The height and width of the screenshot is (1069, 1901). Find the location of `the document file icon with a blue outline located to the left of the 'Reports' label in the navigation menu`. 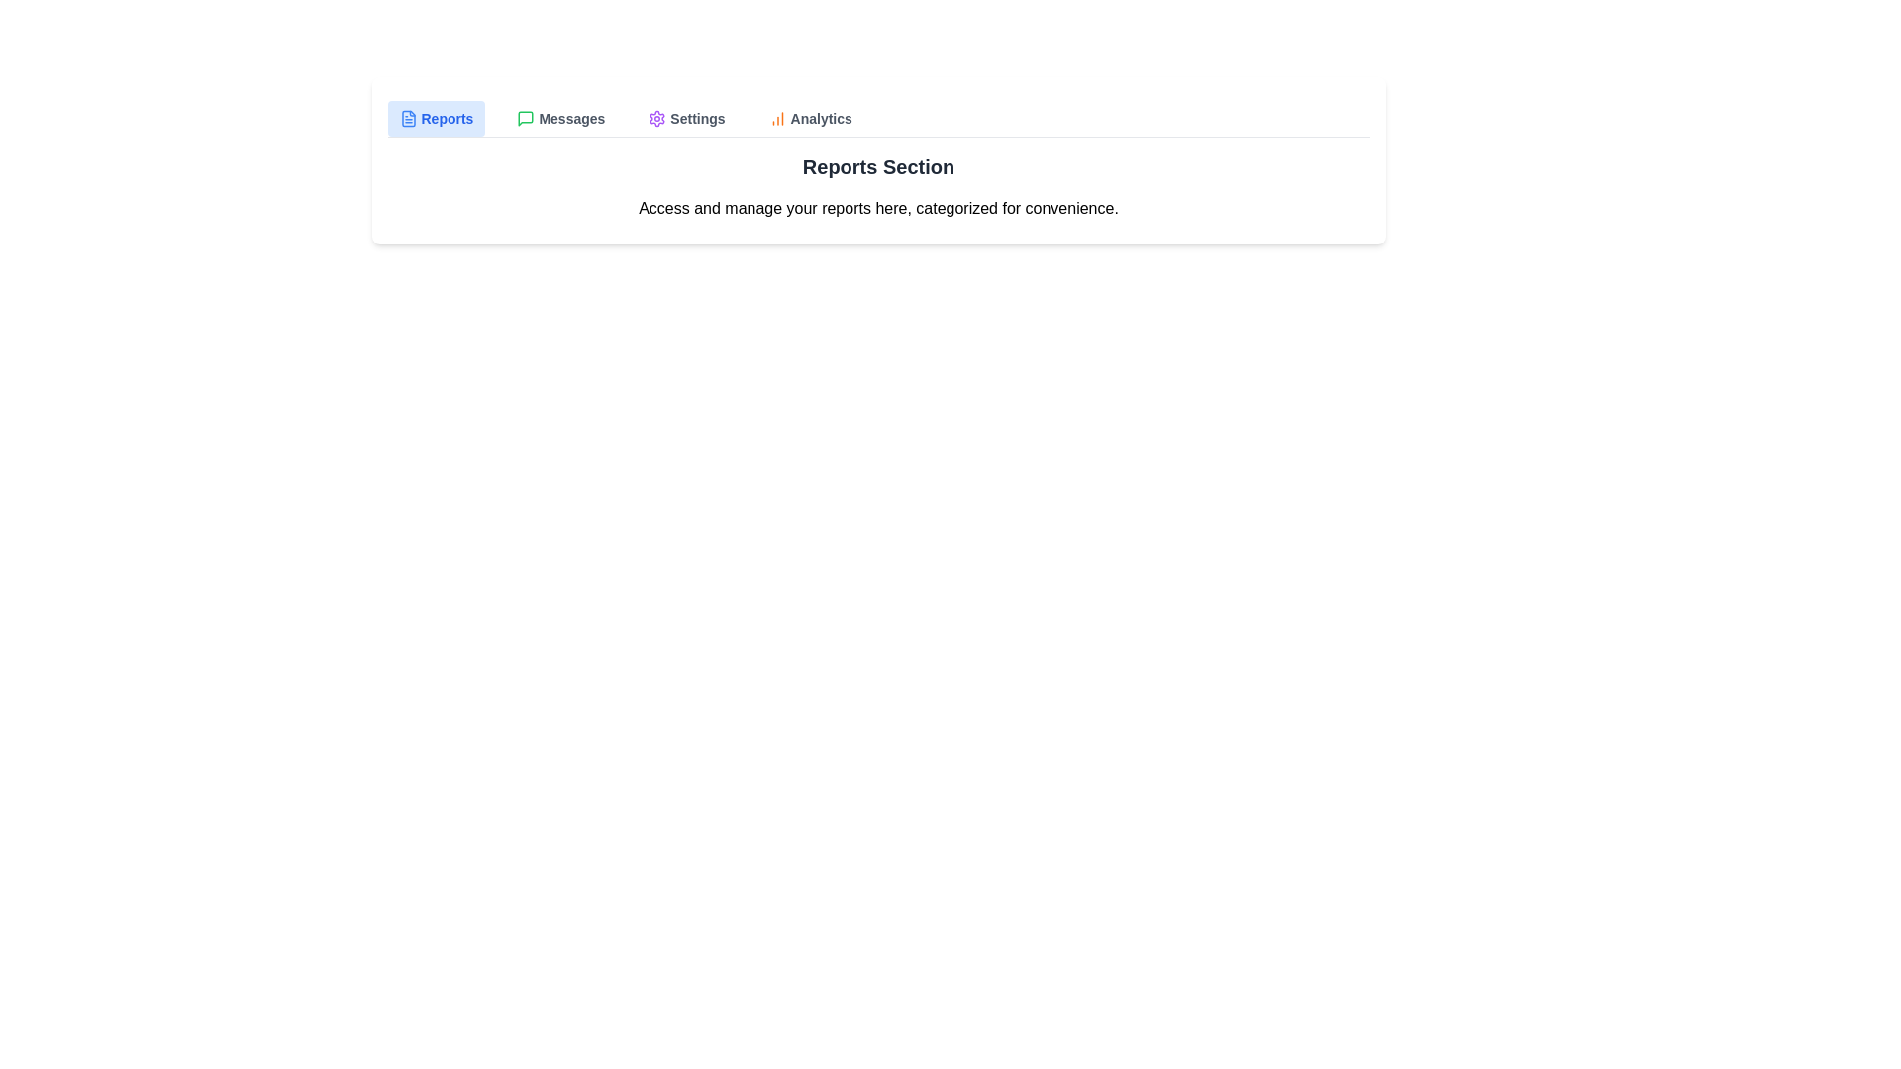

the document file icon with a blue outline located to the left of the 'Reports' label in the navigation menu is located at coordinates (407, 118).